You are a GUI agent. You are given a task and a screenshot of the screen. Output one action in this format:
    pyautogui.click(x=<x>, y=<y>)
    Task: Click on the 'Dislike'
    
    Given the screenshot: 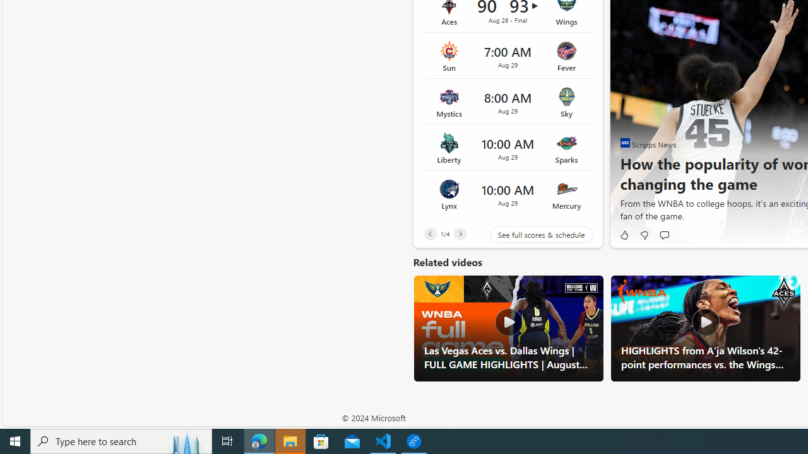 What is the action you would take?
    pyautogui.click(x=644, y=235)
    